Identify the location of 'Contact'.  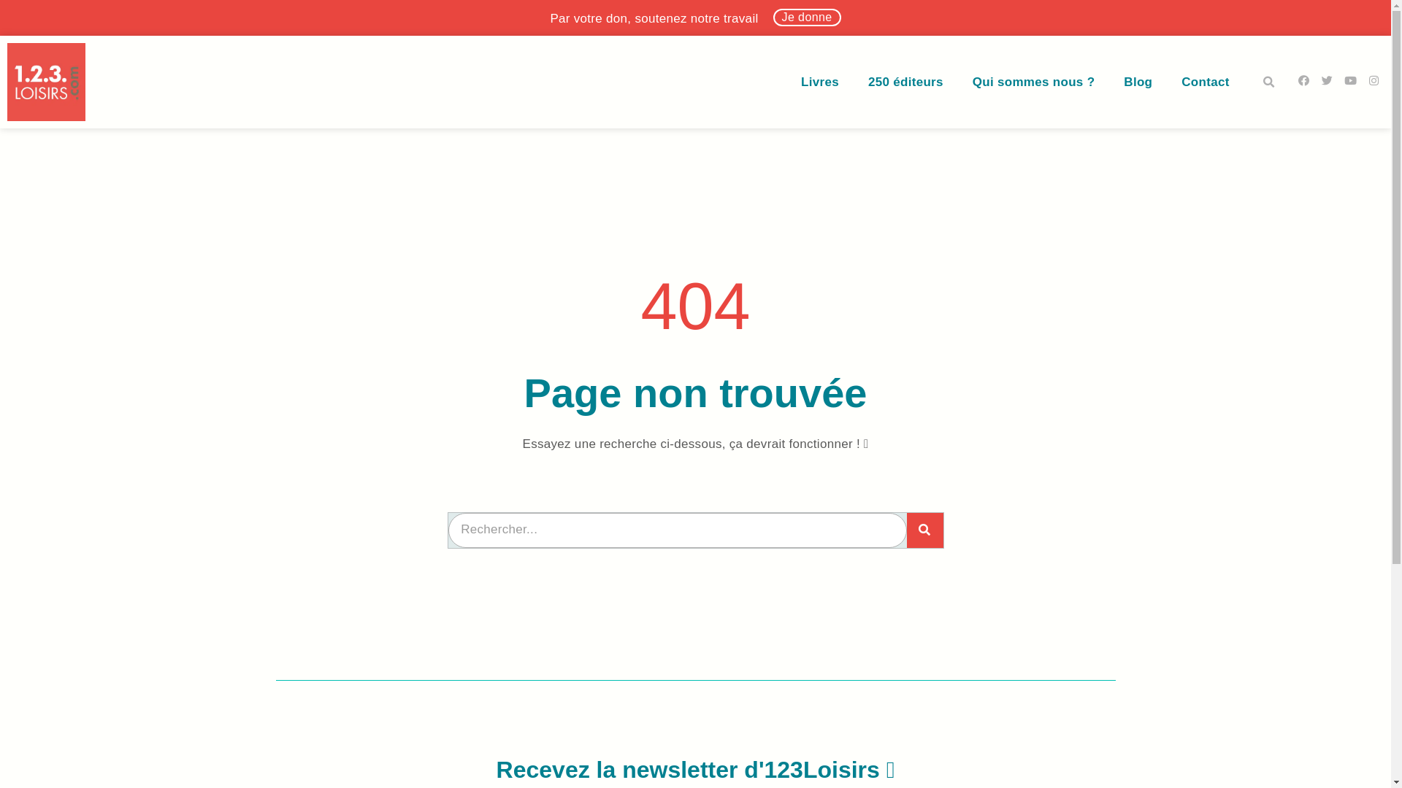
(1205, 82).